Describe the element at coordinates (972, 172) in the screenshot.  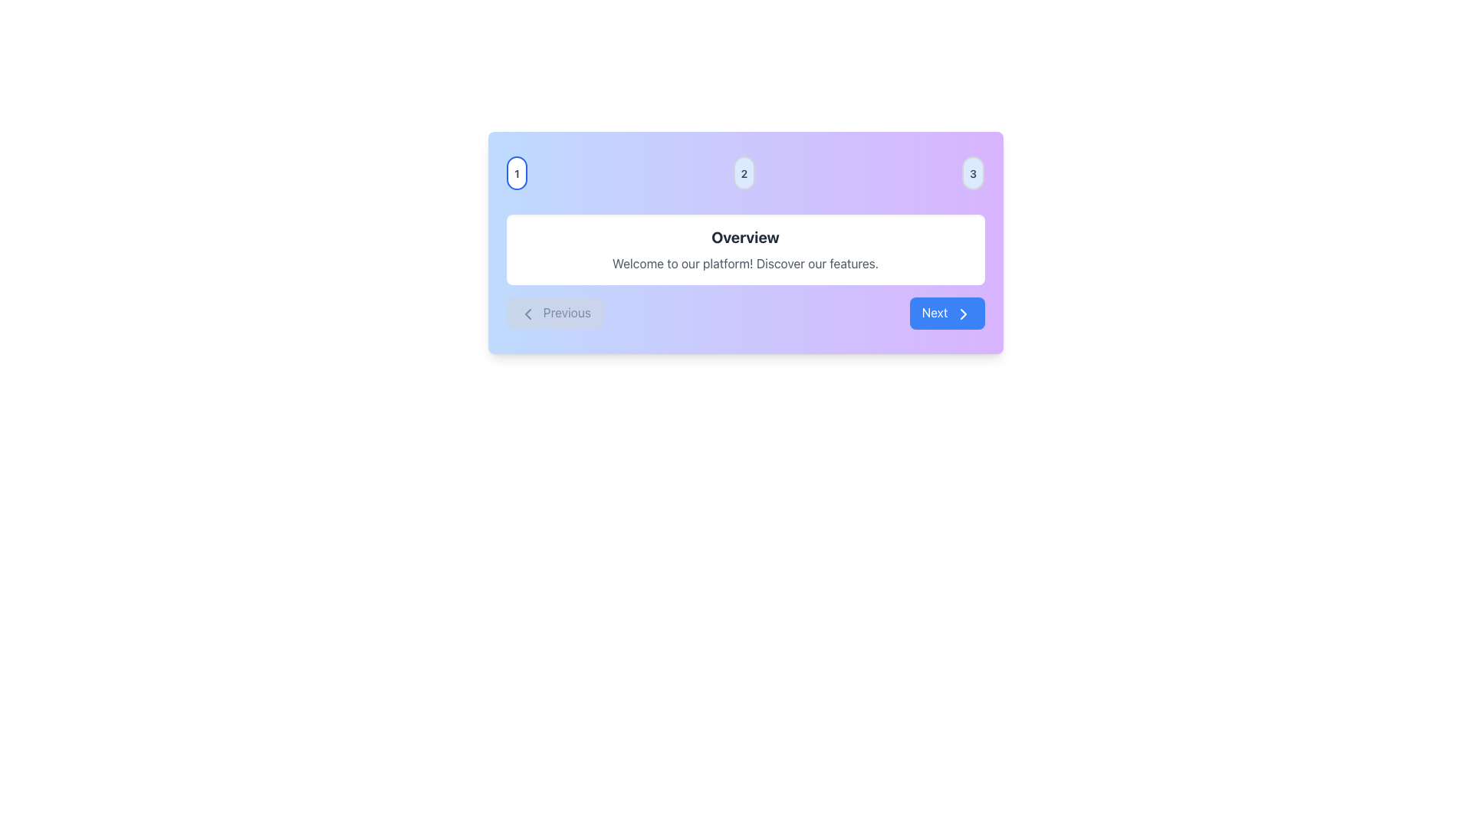
I see `the text element representing the number '3', which is part of a group of three circular buttons indicating sequential steps in a multi-step process` at that location.